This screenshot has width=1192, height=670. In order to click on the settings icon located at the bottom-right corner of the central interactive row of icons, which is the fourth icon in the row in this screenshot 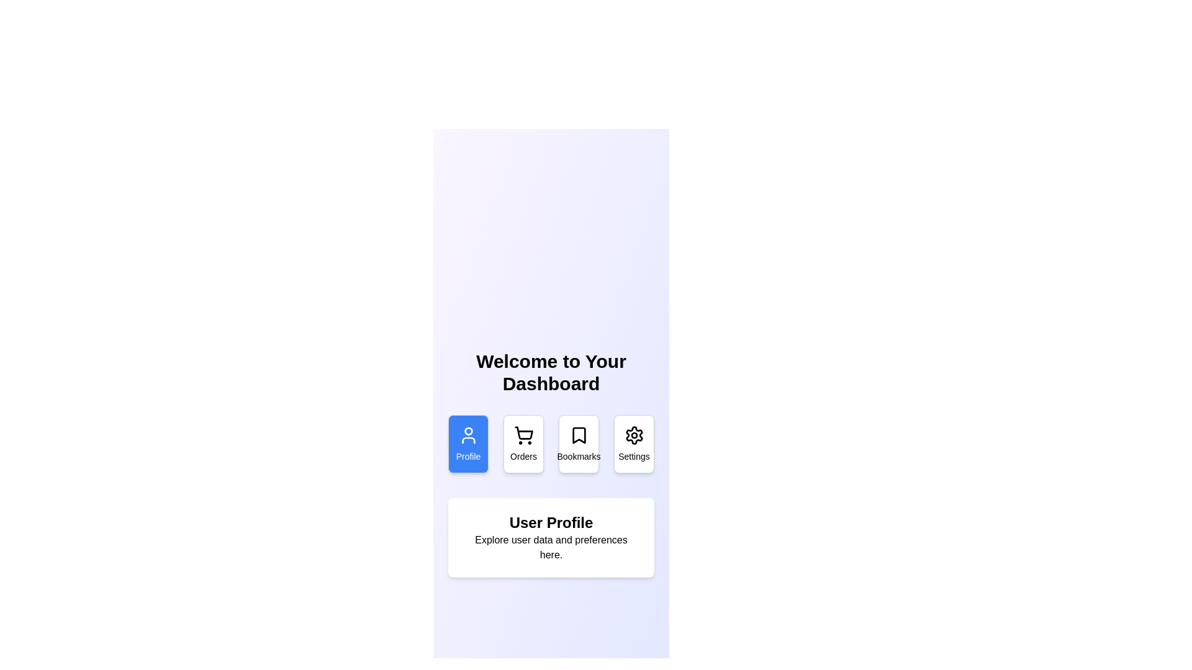, I will do `click(634, 435)`.